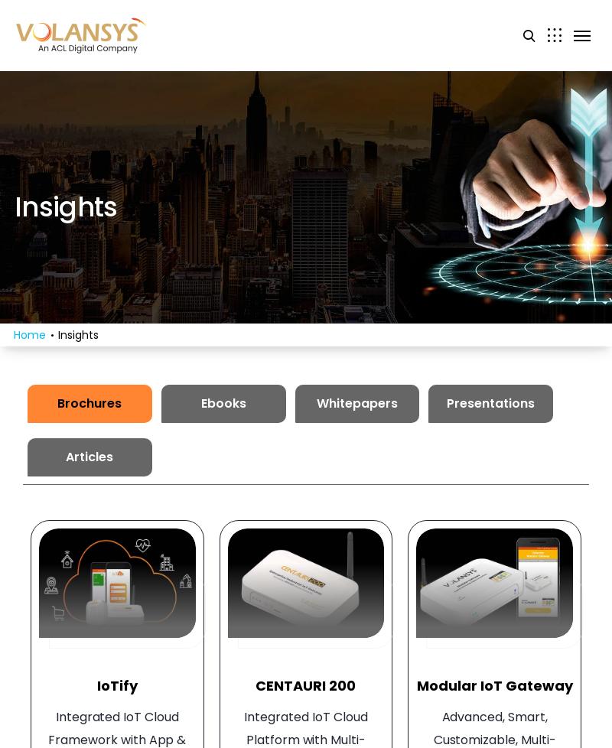 This screenshot has height=748, width=612. I want to click on 'Modular IoT Gateway', so click(493, 685).